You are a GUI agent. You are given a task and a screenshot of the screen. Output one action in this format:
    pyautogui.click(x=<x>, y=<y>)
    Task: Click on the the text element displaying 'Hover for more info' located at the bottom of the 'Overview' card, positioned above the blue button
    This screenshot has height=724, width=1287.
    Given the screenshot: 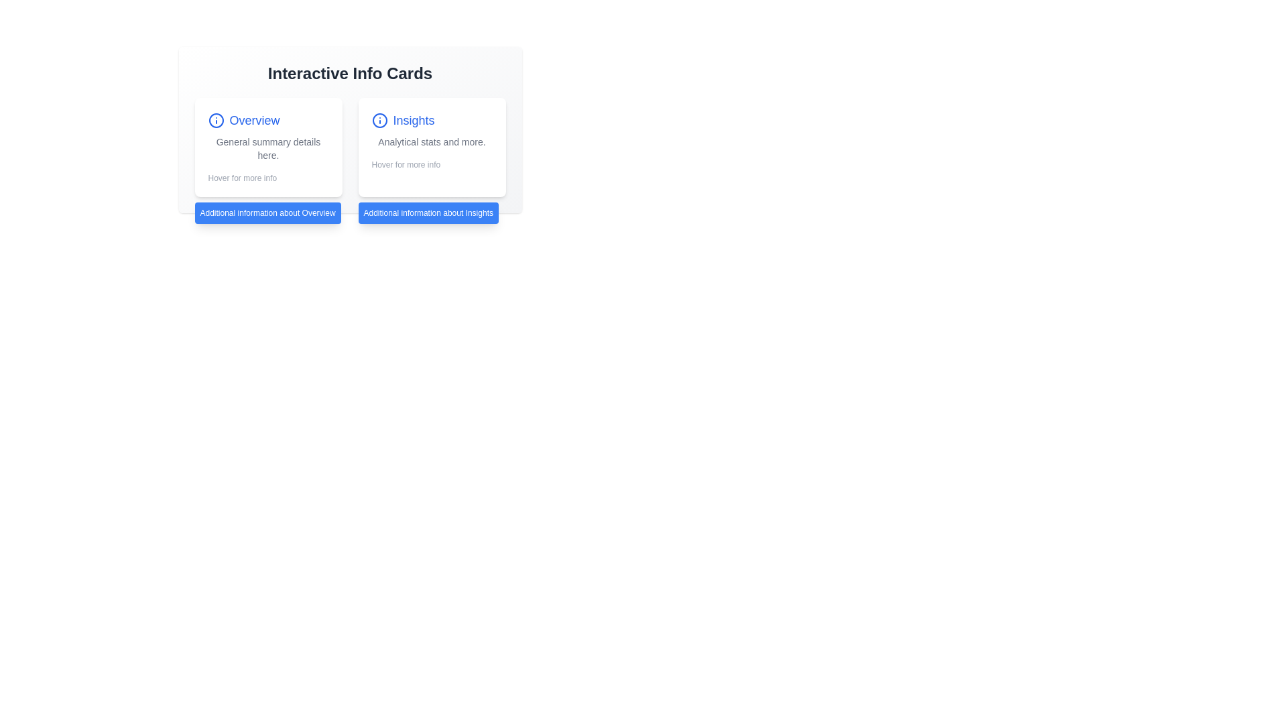 What is the action you would take?
    pyautogui.click(x=268, y=178)
    